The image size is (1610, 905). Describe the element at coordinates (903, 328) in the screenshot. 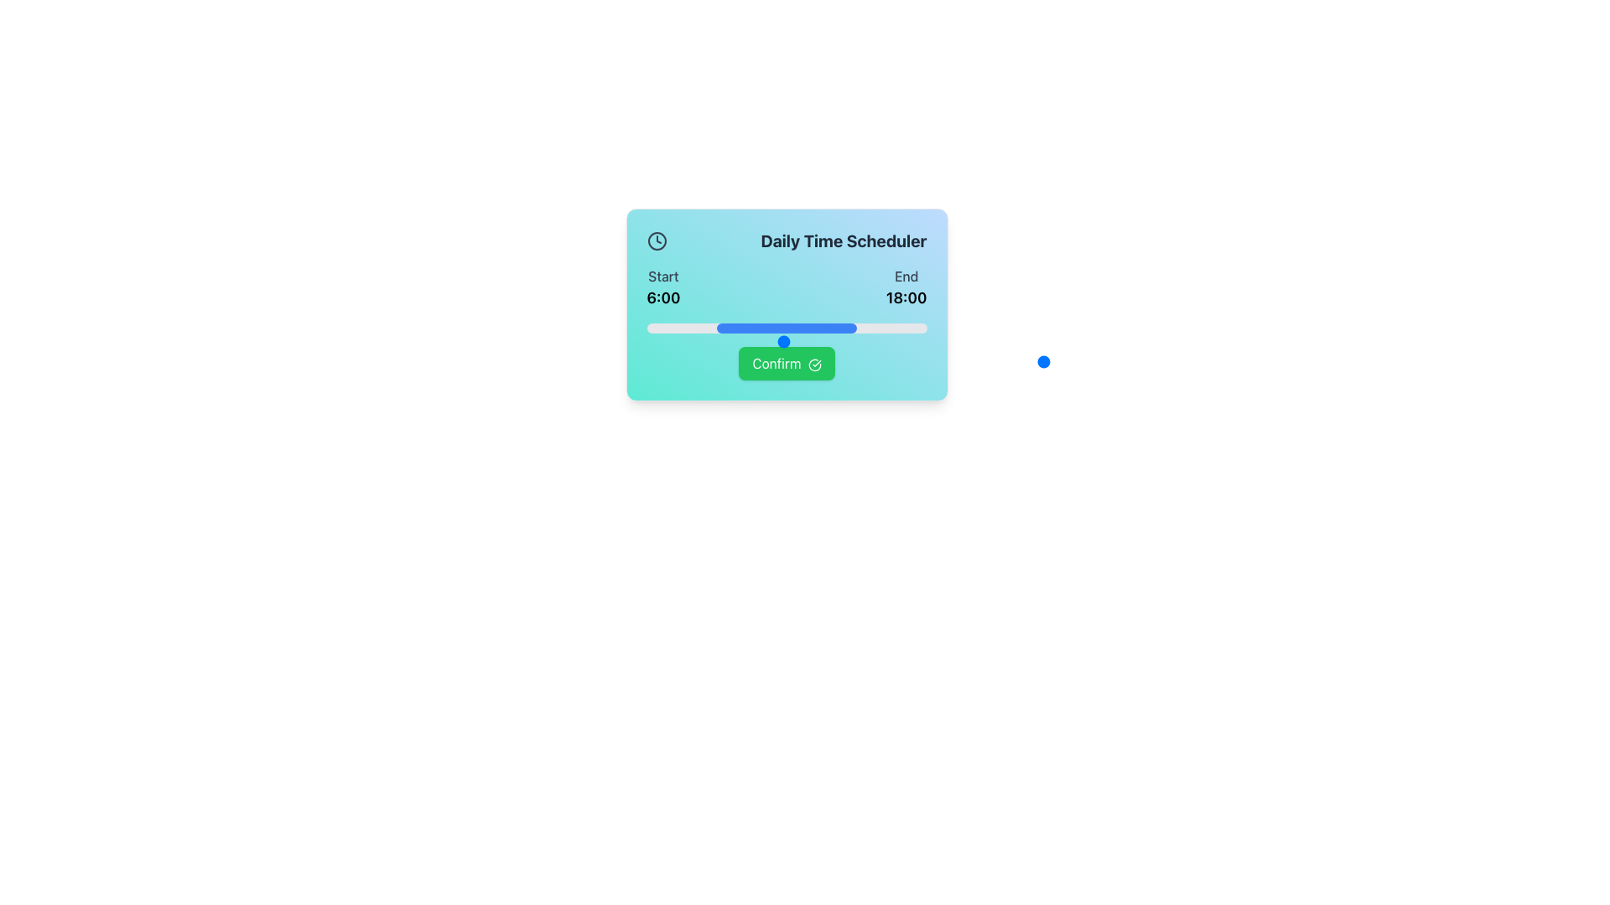

I see `the slider` at that location.